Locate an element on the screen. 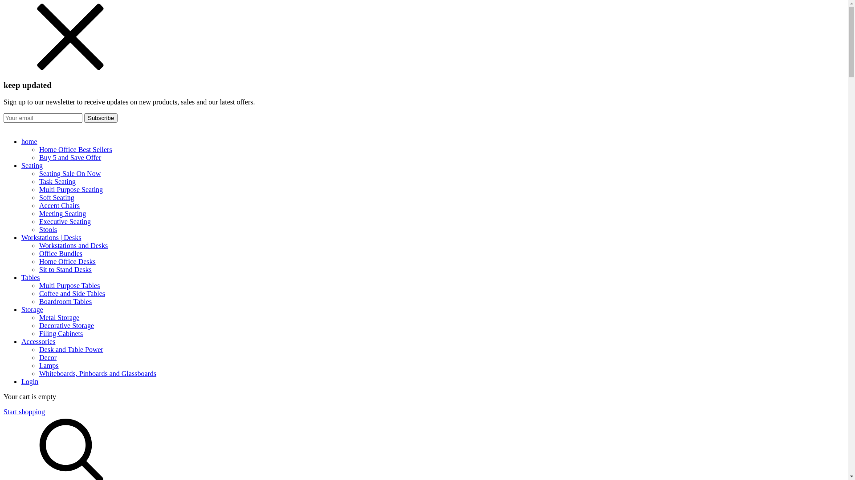 The height and width of the screenshot is (480, 855). 'Start shopping' is located at coordinates (4, 412).